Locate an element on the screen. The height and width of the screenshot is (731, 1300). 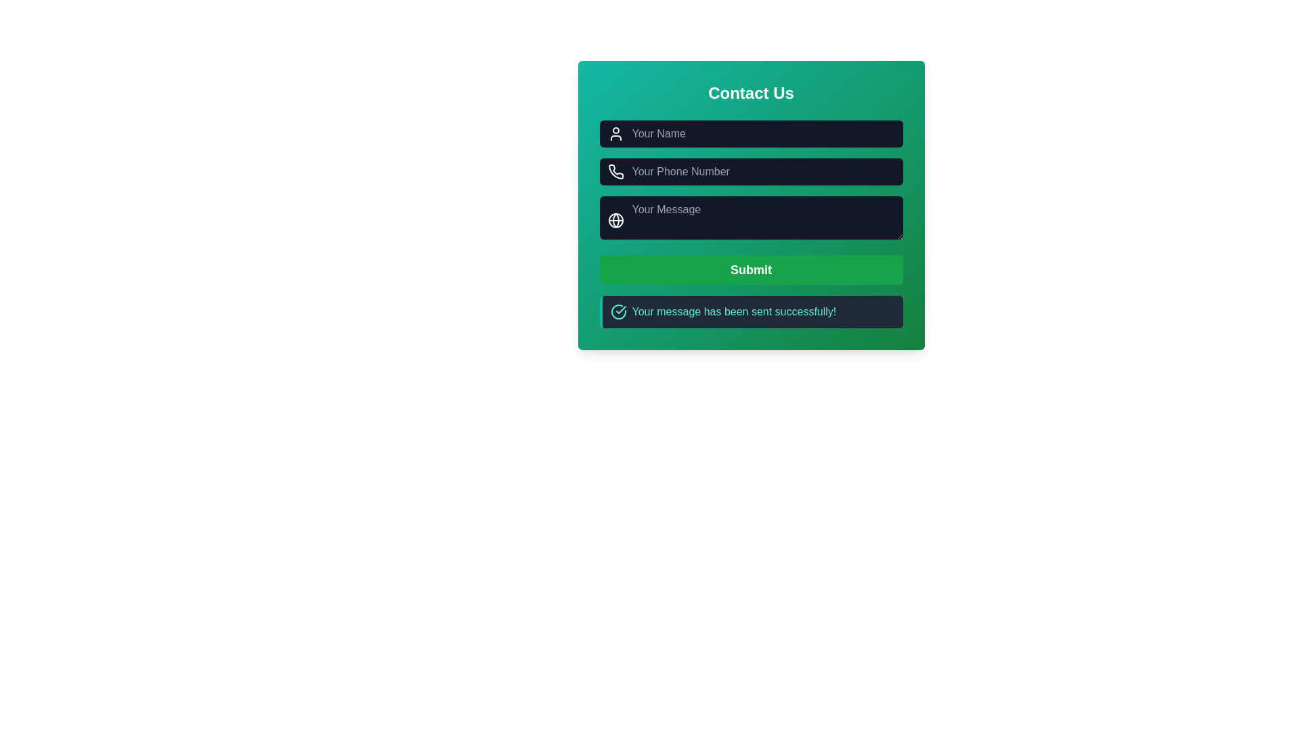
the phone number icon located on the left side of the input field labeled 'Your Phone Number', which visually indicates the purpose of the field is located at coordinates (615, 171).